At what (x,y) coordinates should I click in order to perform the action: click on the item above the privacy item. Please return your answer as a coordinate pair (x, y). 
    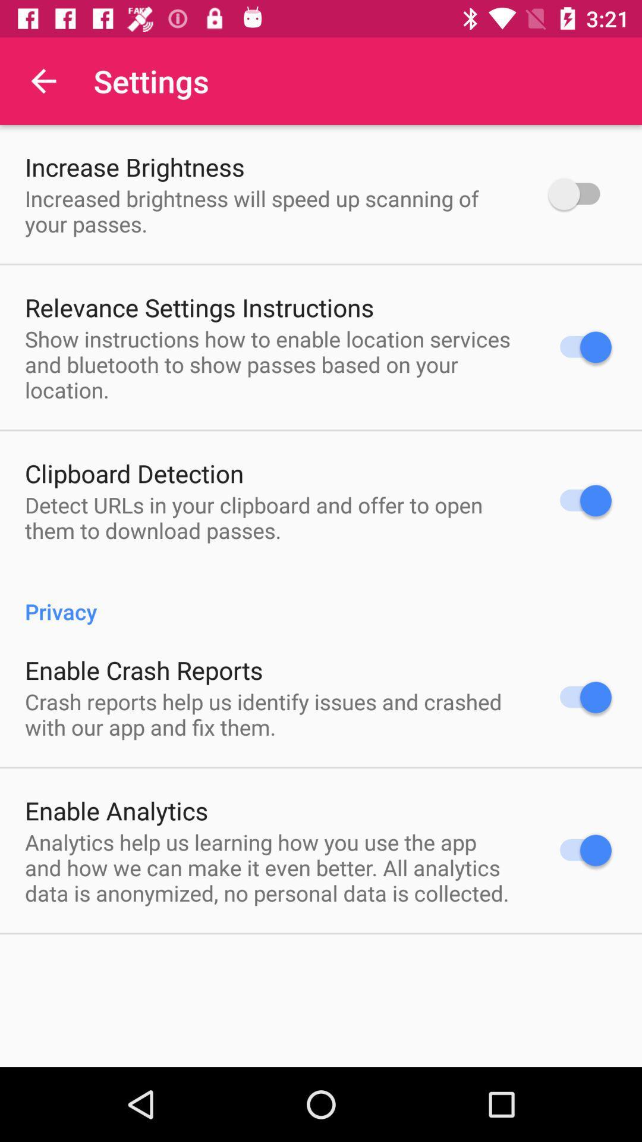
    Looking at the image, I should click on (271, 517).